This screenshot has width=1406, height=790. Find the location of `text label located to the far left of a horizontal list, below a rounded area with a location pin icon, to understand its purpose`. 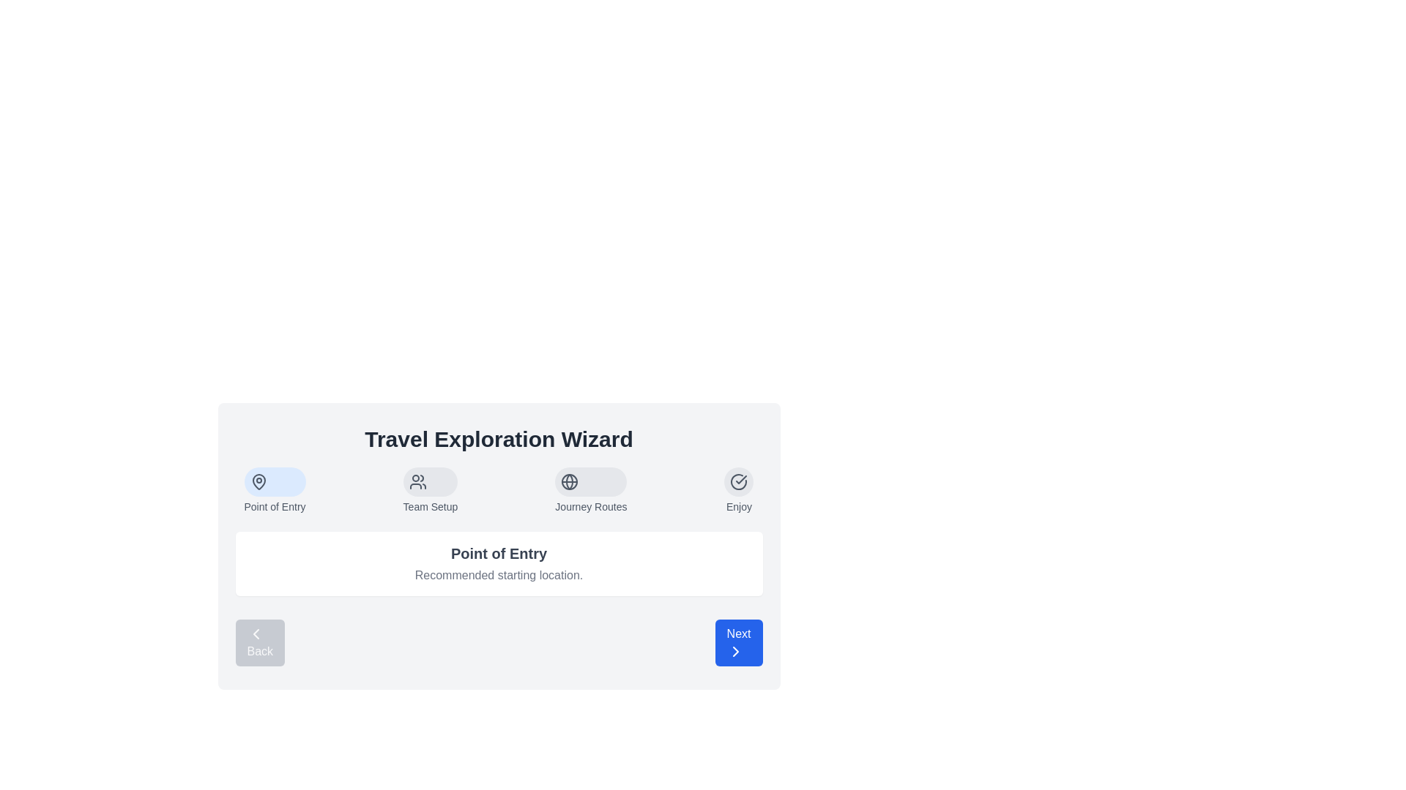

text label located to the far left of a horizontal list, below a rounded area with a location pin icon, to understand its purpose is located at coordinates (275, 506).